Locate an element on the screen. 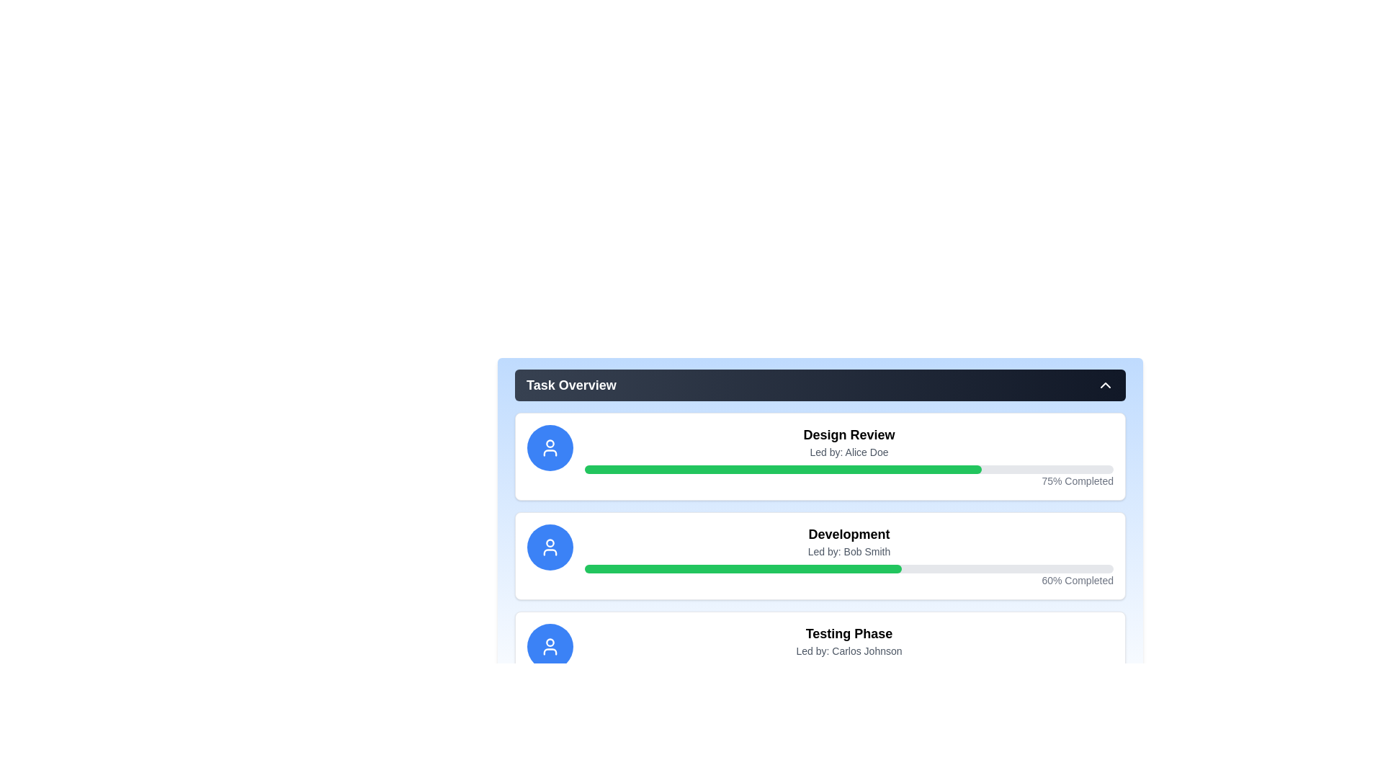  the progress indicator text label located below the green progress bar in the 'Development' task card, which shows the percentage of completion is located at coordinates (849, 580).